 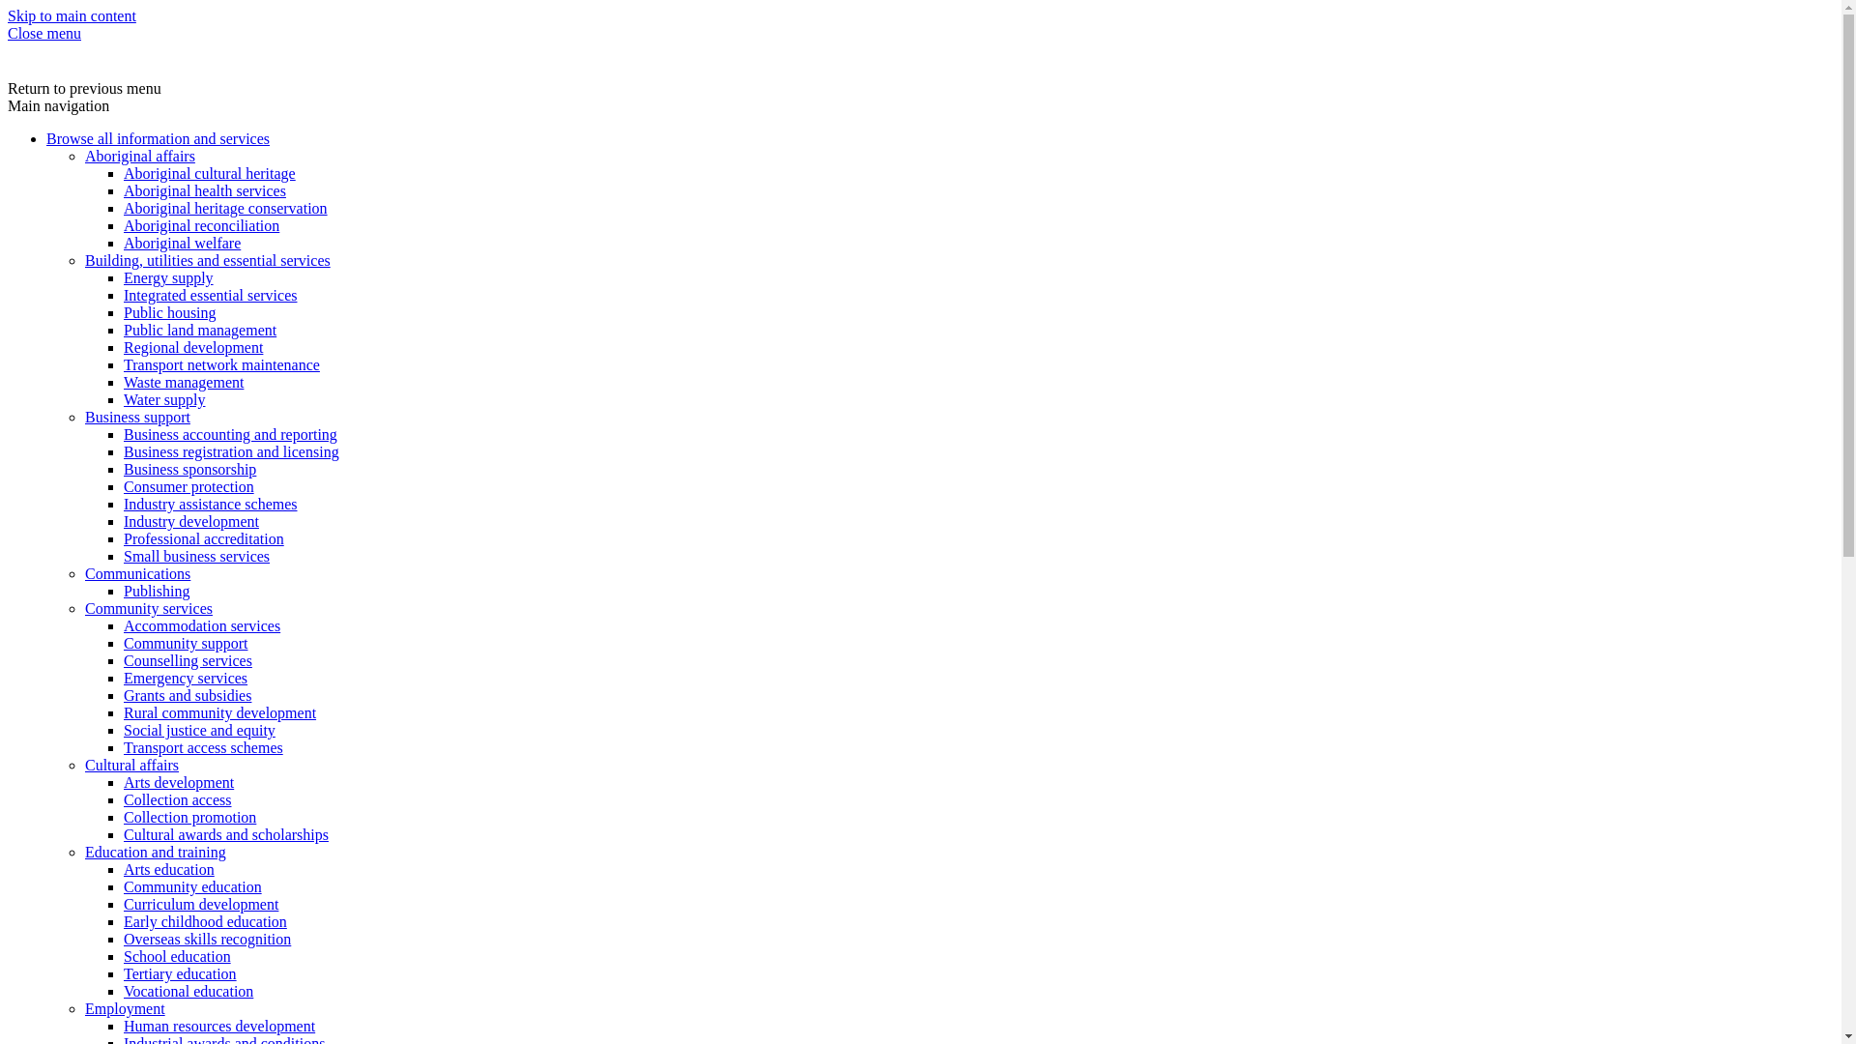 I want to click on 'Public land management', so click(x=199, y=329).